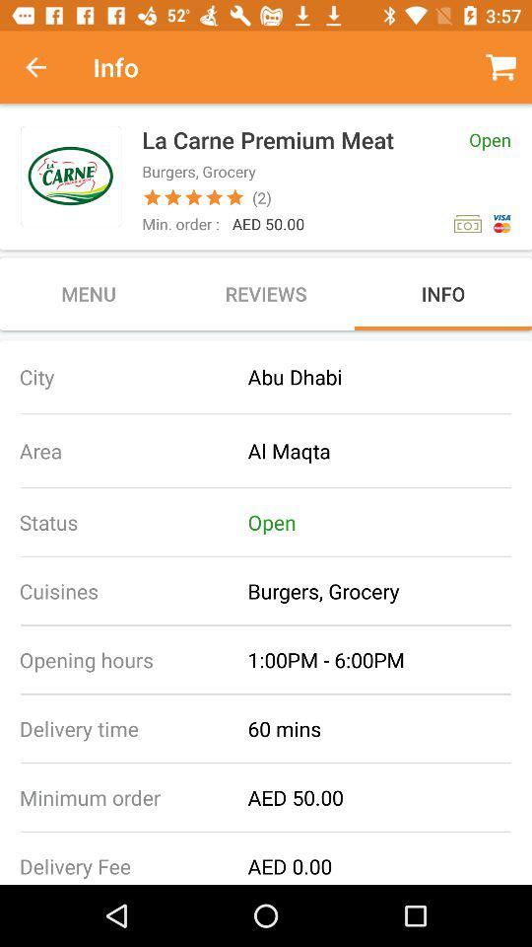 Image resolution: width=532 pixels, height=947 pixels. I want to click on go back, so click(46, 67).